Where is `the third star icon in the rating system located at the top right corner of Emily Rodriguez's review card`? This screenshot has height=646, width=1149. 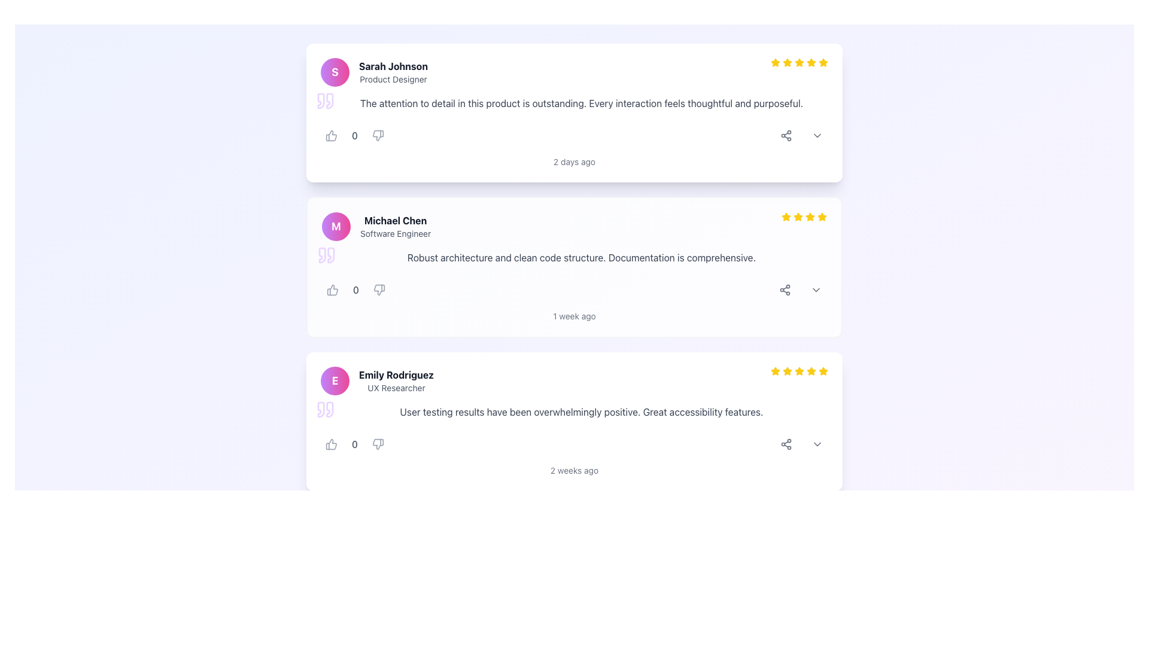 the third star icon in the rating system located at the top right corner of Emily Rodriguez's review card is located at coordinates (799, 371).